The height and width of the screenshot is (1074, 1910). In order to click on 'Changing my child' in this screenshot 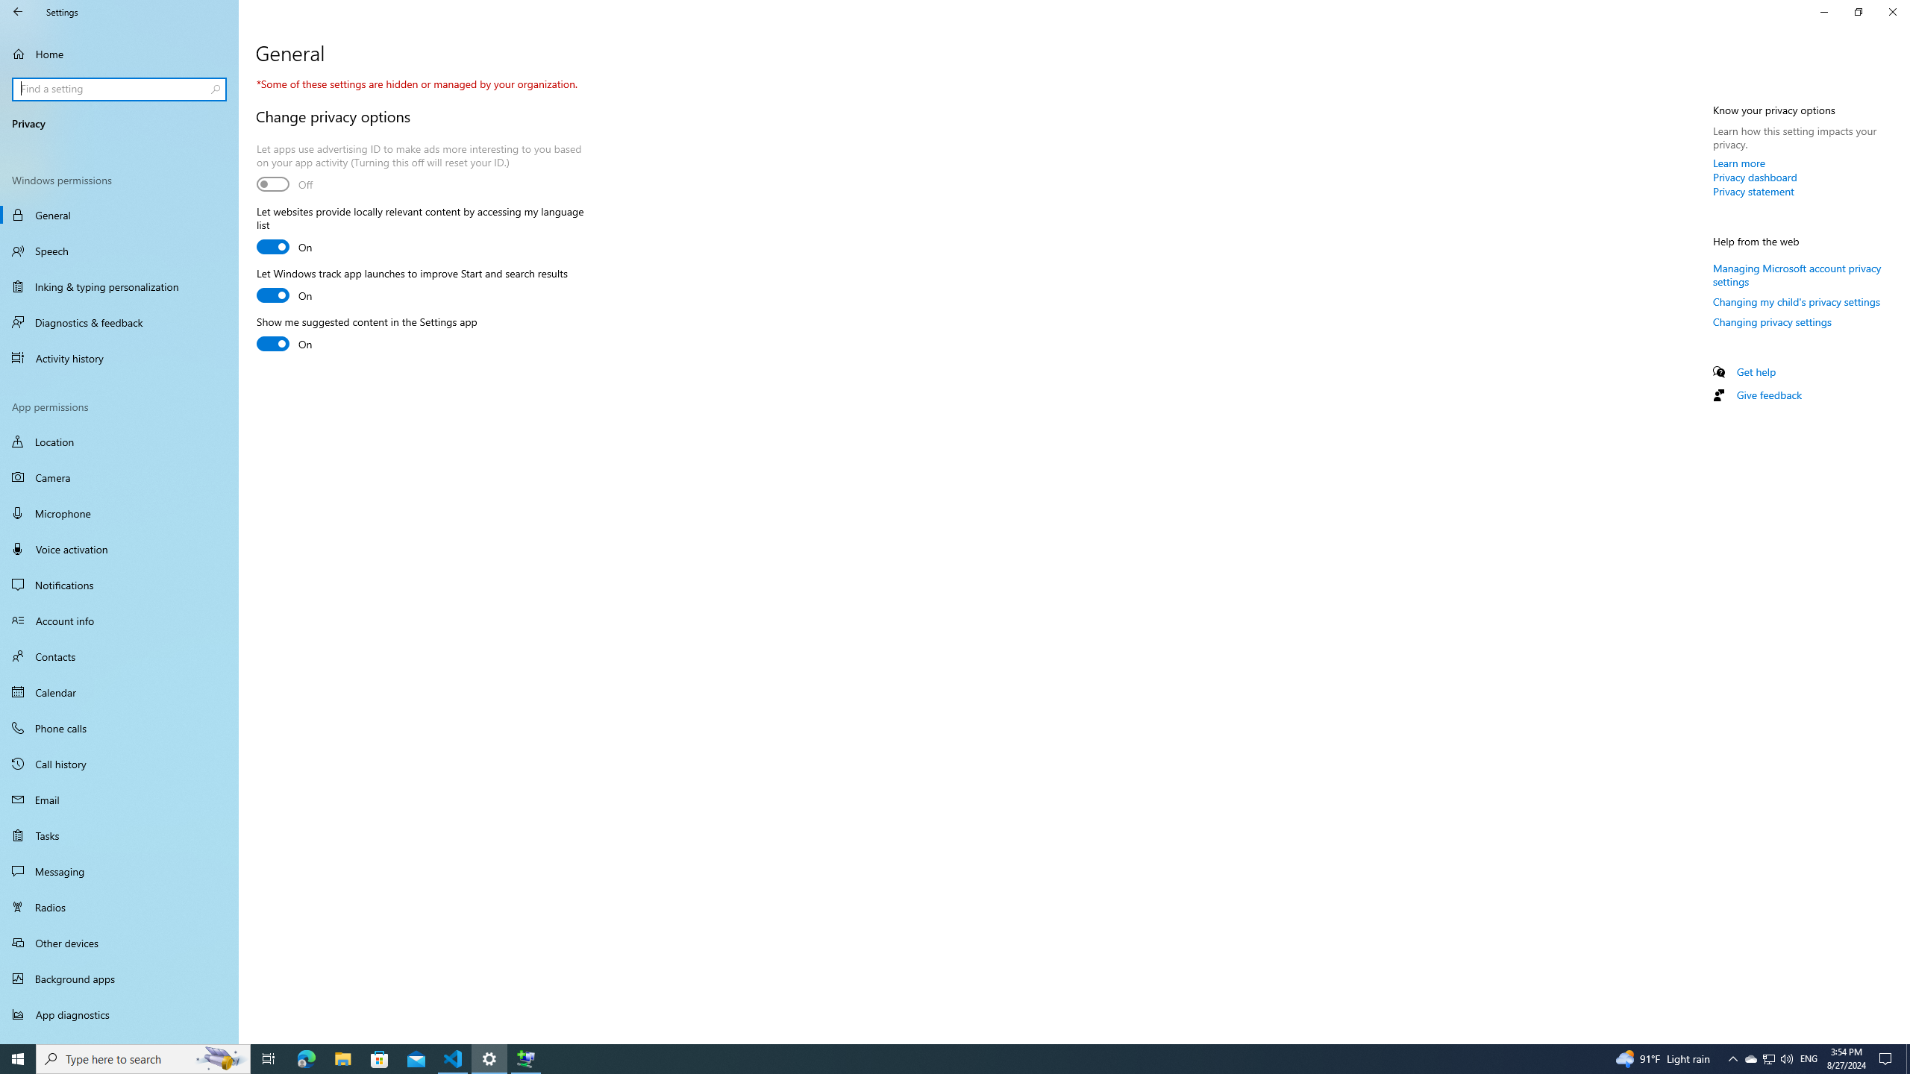, I will do `click(1795, 301)`.